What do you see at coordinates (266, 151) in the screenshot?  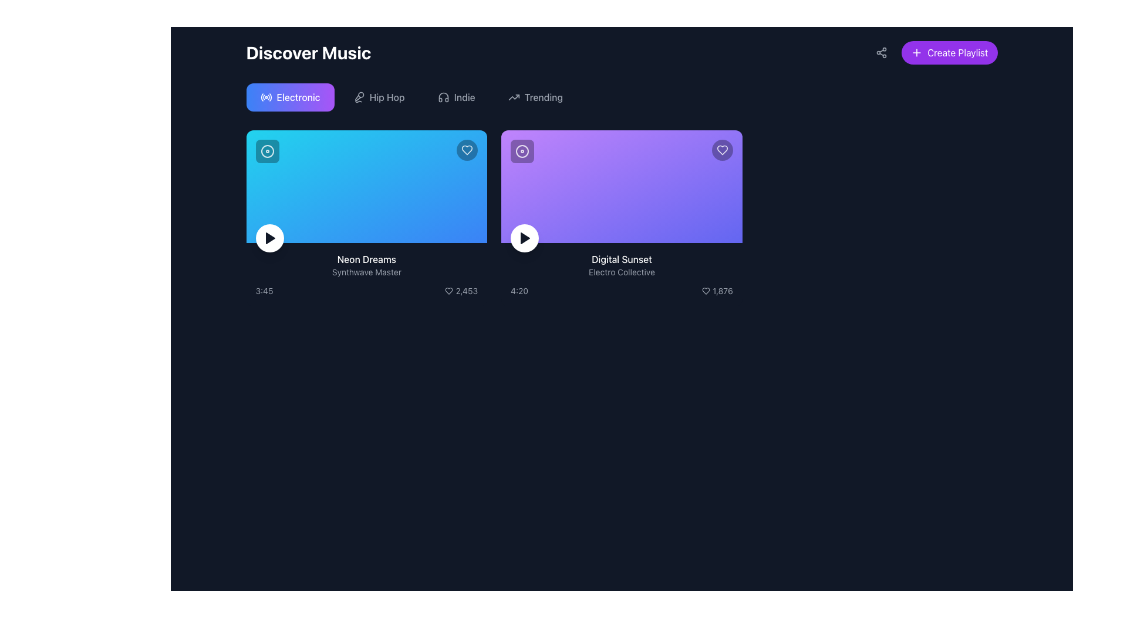 I see `the larger circular SVG graphic outlined with a bold stroke, located at the top left corner of the card displaying 'Neon Dreams'` at bounding box center [266, 151].